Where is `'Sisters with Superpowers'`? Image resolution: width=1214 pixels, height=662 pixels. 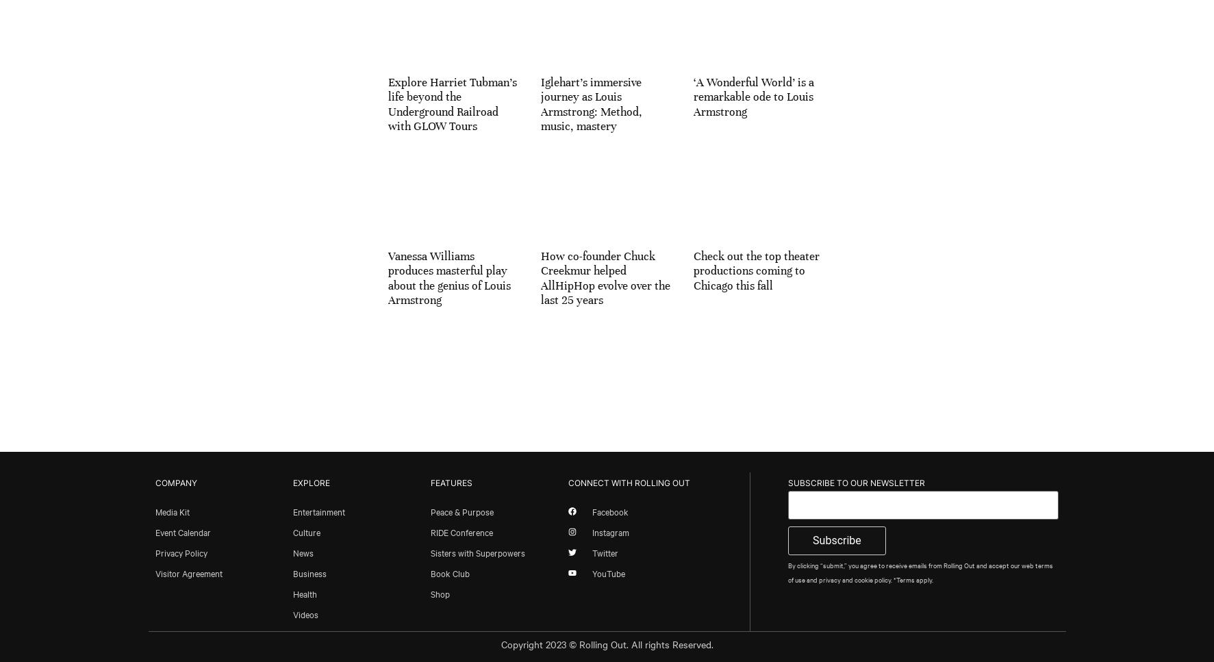
'Sisters with Superpowers' is located at coordinates (477, 550).